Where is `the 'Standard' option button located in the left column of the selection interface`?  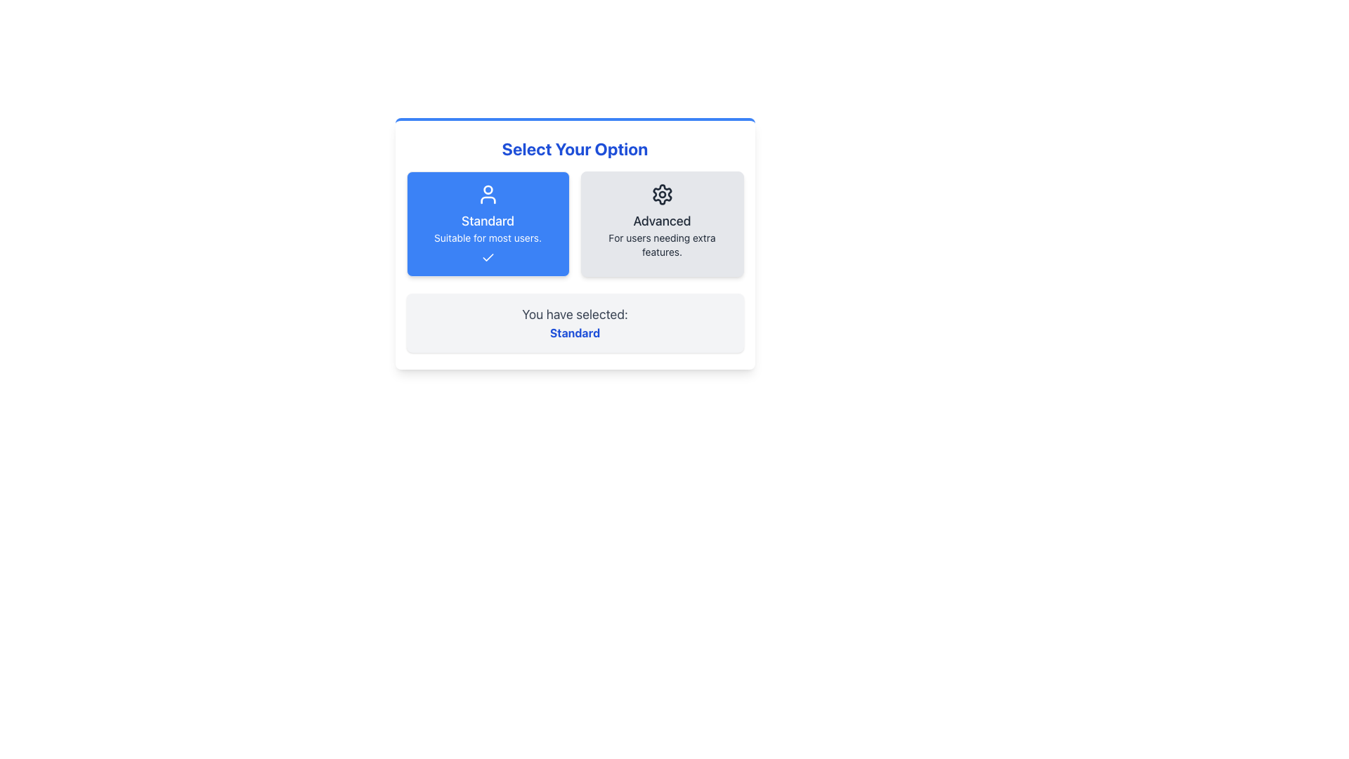 the 'Standard' option button located in the left column of the selection interface is located at coordinates (488, 223).